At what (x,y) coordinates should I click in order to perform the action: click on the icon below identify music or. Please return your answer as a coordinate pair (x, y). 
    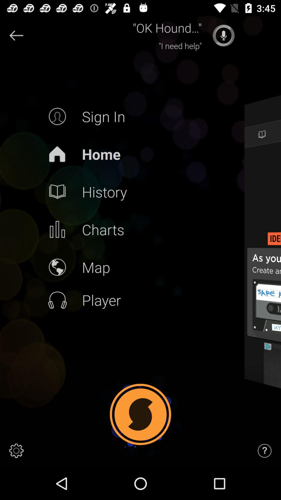
    Looking at the image, I should click on (272, 380).